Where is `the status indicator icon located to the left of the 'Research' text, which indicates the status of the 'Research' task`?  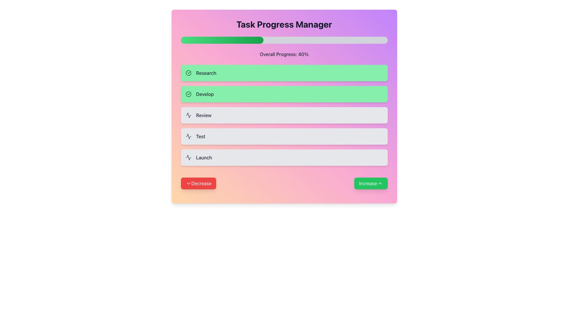
the status indicator icon located to the left of the 'Research' text, which indicates the status of the 'Research' task is located at coordinates (188, 73).